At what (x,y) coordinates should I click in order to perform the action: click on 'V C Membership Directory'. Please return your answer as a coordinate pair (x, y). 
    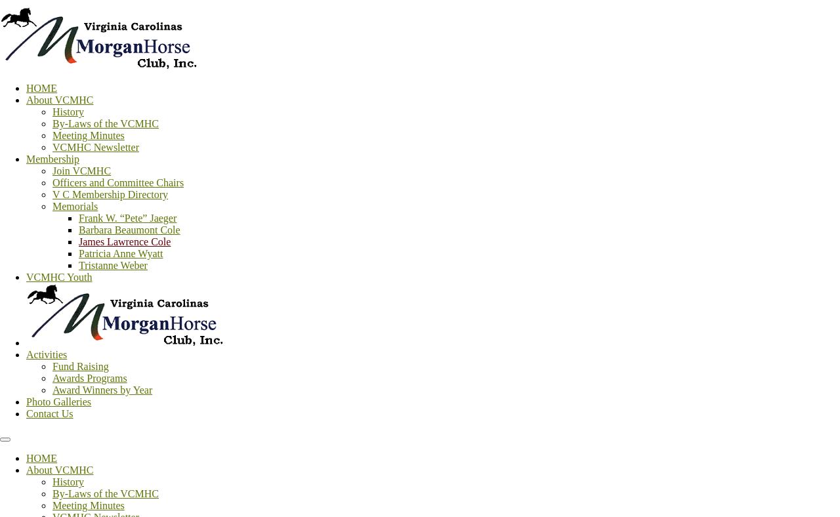
    Looking at the image, I should click on (110, 194).